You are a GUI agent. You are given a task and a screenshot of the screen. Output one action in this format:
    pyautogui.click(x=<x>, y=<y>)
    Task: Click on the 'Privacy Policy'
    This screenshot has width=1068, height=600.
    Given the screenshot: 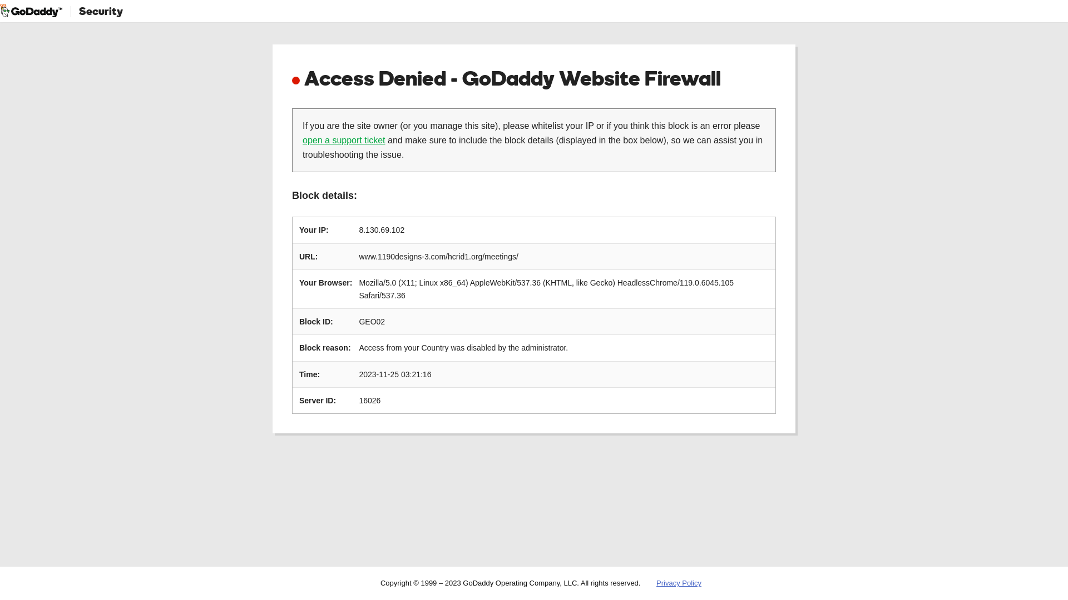 What is the action you would take?
    pyautogui.click(x=678, y=582)
    